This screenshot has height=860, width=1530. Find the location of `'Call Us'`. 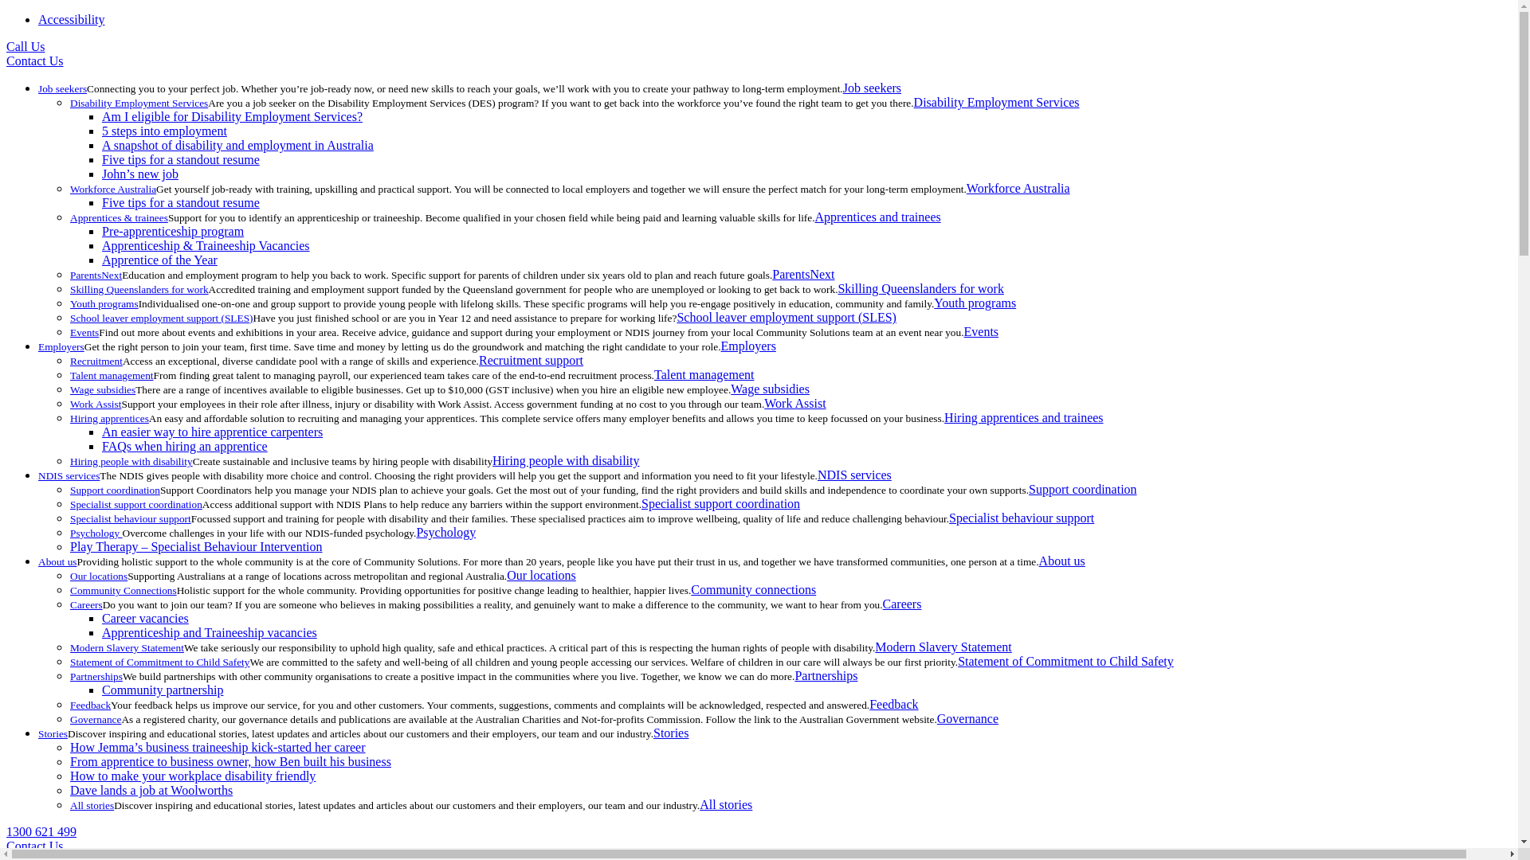

'Call Us' is located at coordinates (25, 45).